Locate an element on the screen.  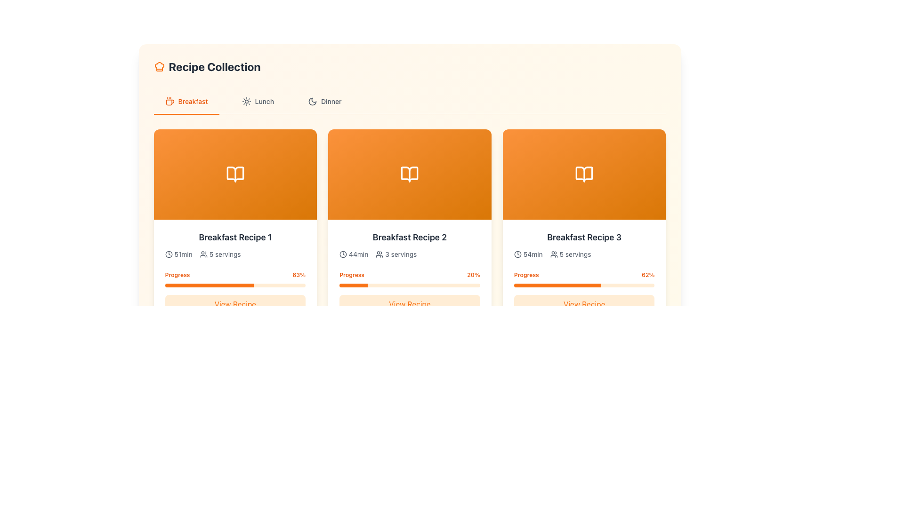
the SVG Icon that visually indicates the number of servings related to the recipe, positioned to the left of the text label '5 servings' in the third column of recipe cards under the title 'Breakfast Recipe 3' is located at coordinates (554, 254).